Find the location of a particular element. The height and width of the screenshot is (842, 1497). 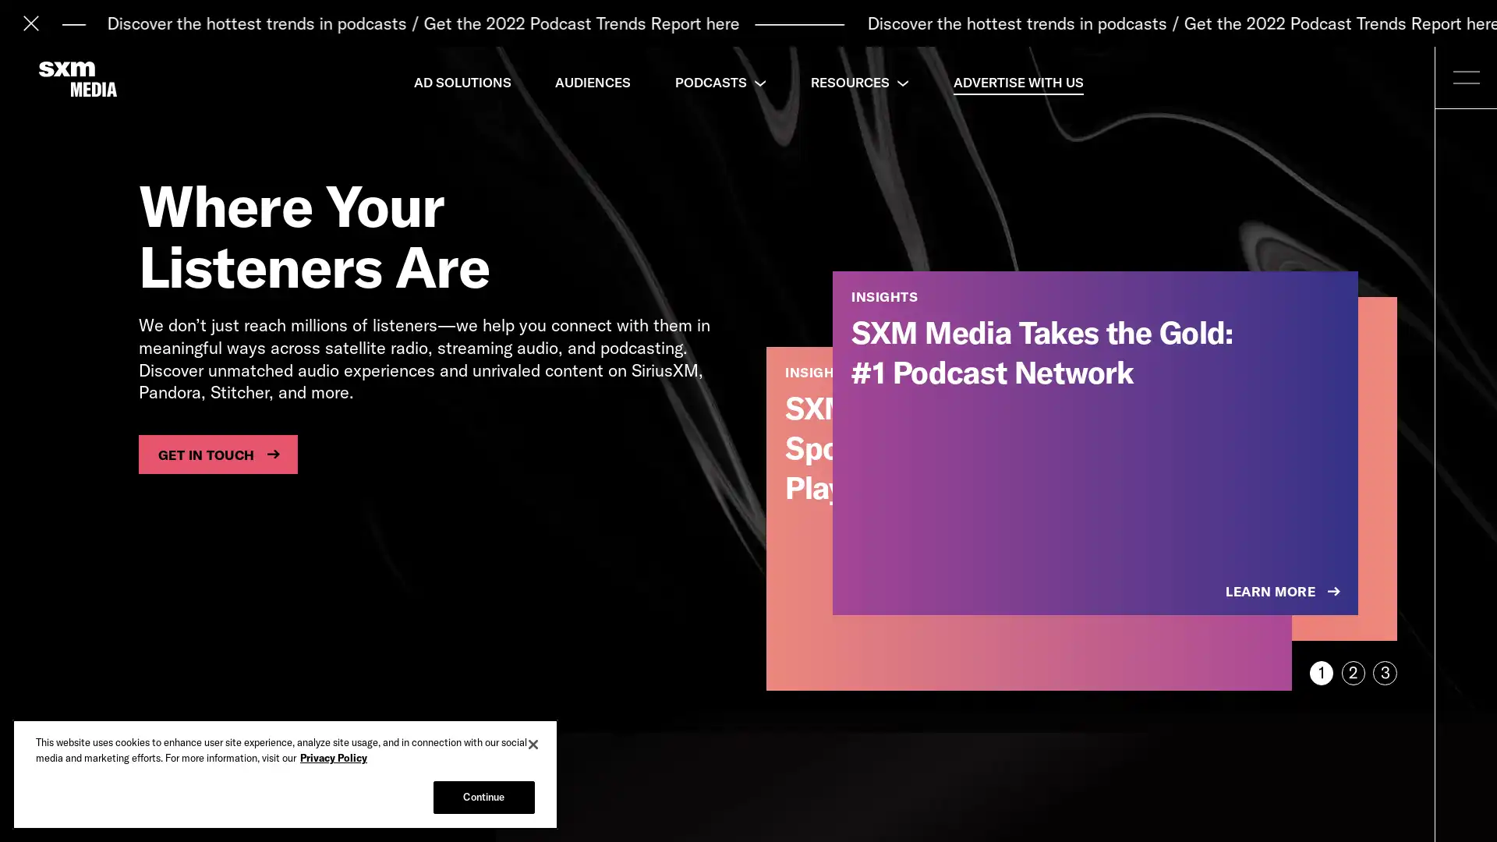

GET IN TOUCH is located at coordinates (217, 454).